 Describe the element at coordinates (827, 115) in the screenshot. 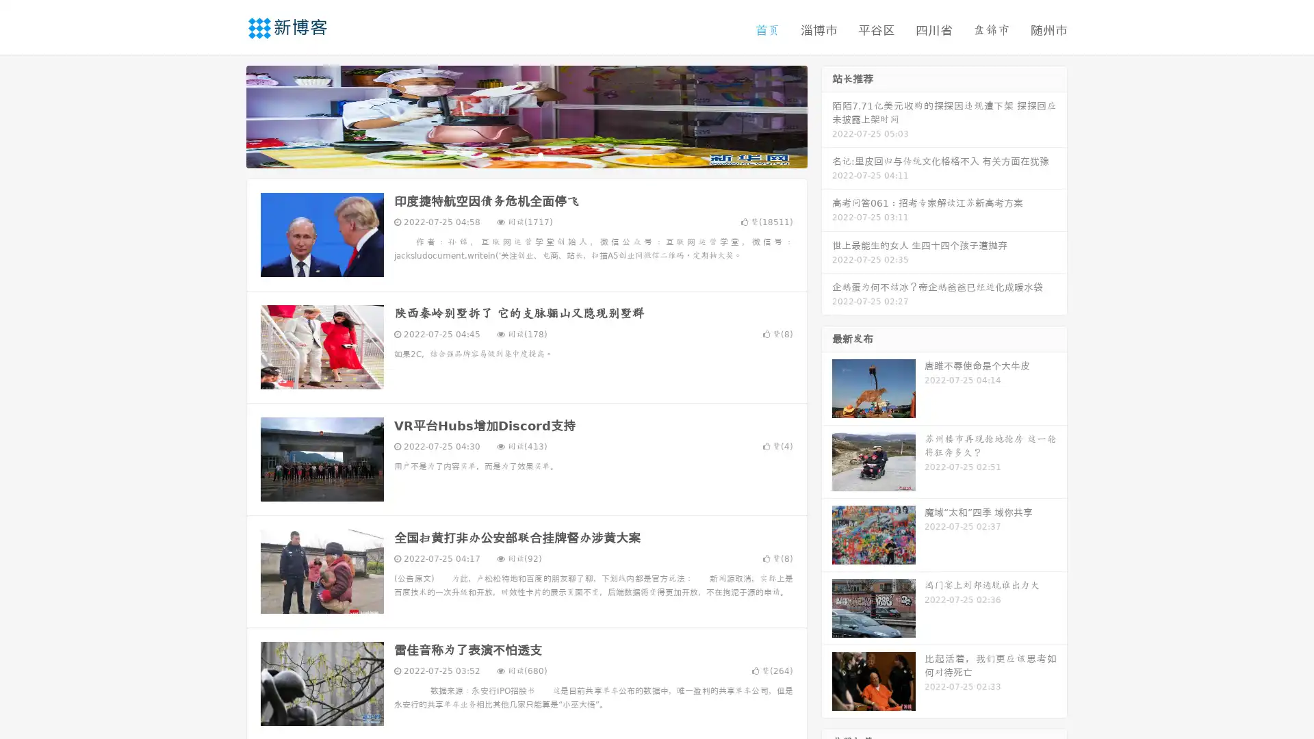

I see `Next slide` at that location.